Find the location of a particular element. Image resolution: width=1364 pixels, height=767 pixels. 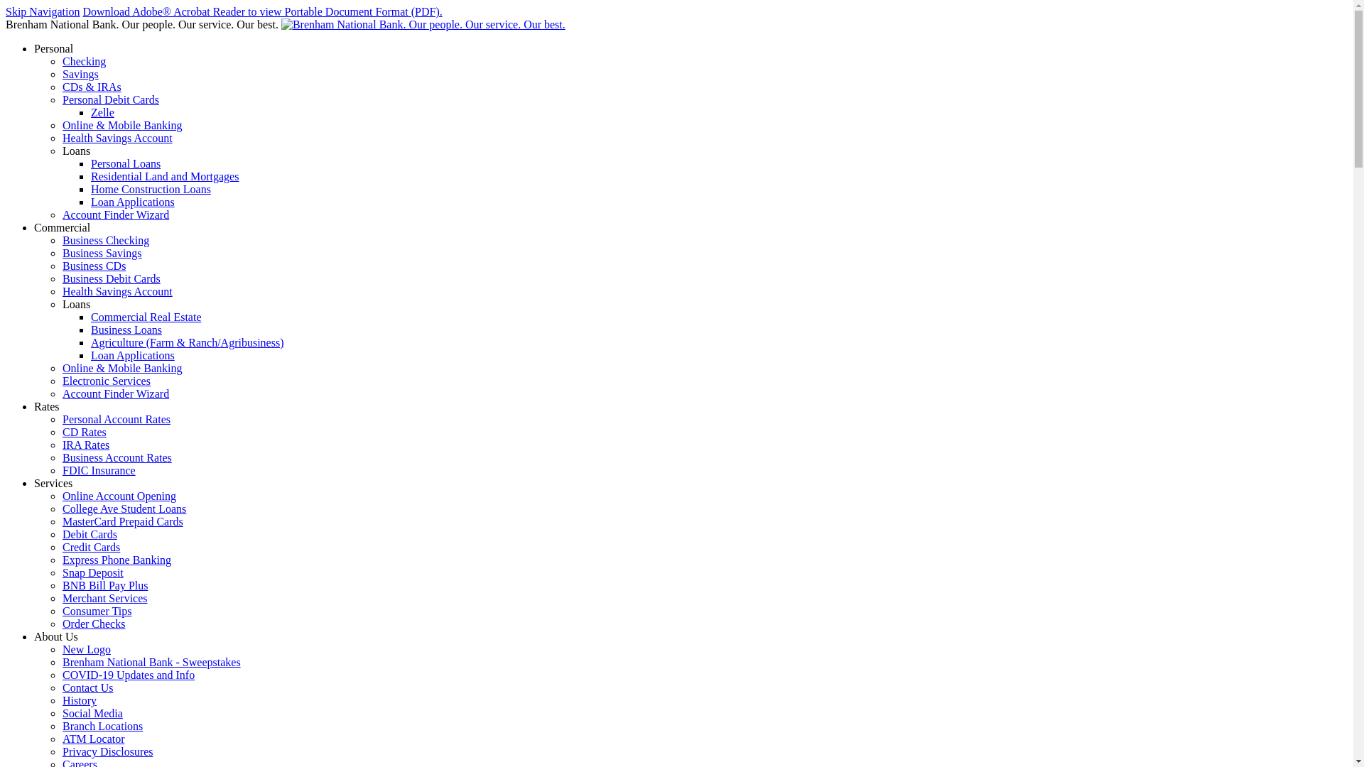

'Home Construction Loans' is located at coordinates (151, 188).